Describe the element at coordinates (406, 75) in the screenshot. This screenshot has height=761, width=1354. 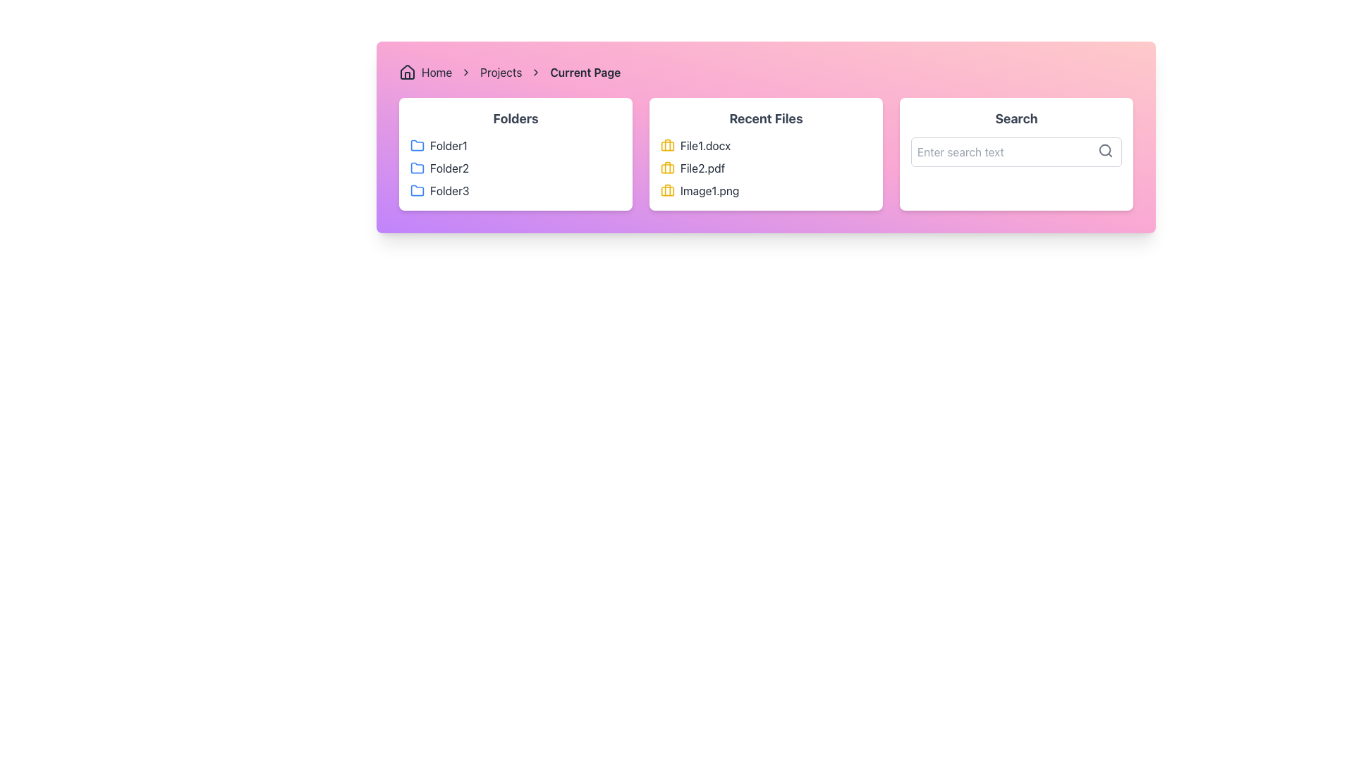
I see `the decorative graphical element within the house icon representing the 'Home' navigation option in the breadcrumb navigation bar` at that location.